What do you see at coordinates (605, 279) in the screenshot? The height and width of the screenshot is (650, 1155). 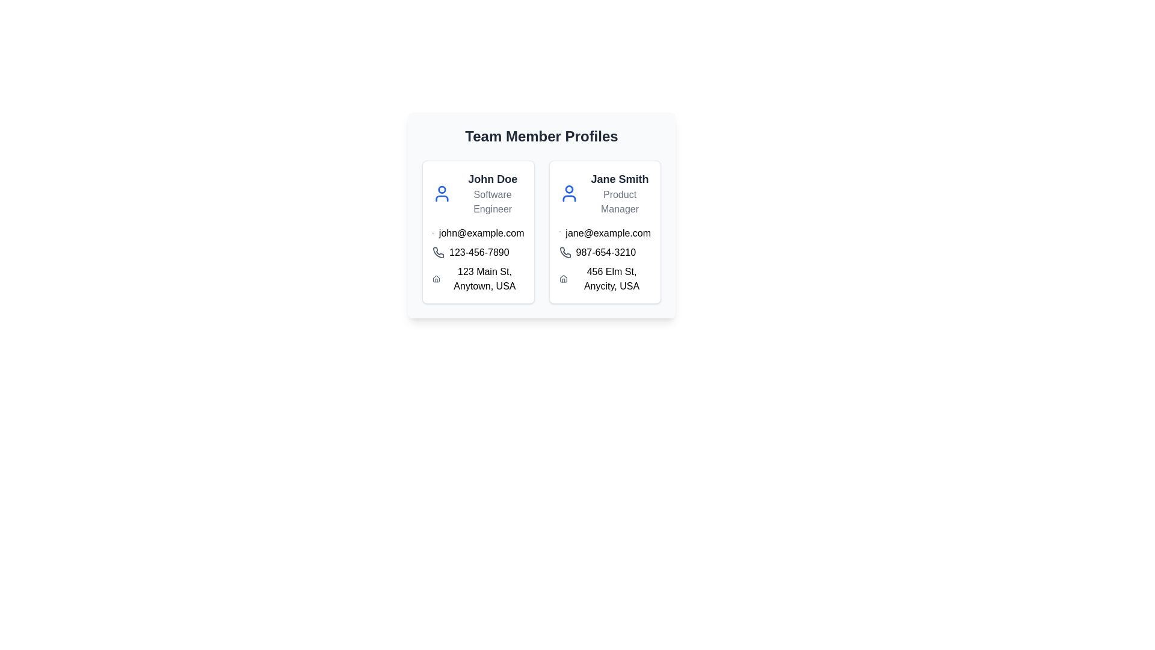 I see `the address text element associated with 'Jane Smith', located in the second column under the 'Jane Smith Product Manager' card, following the phone number` at bounding box center [605, 279].